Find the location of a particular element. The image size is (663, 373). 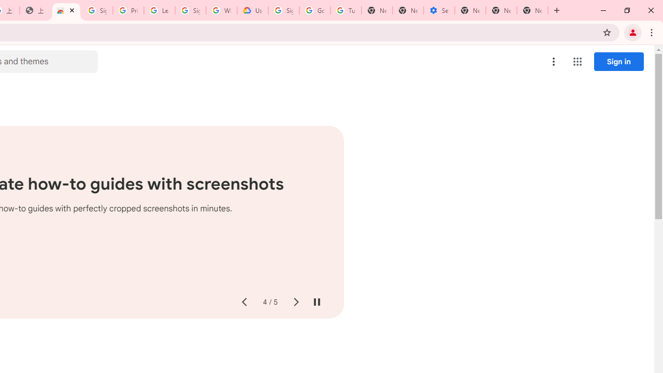

'Who are Google' is located at coordinates (221, 10).